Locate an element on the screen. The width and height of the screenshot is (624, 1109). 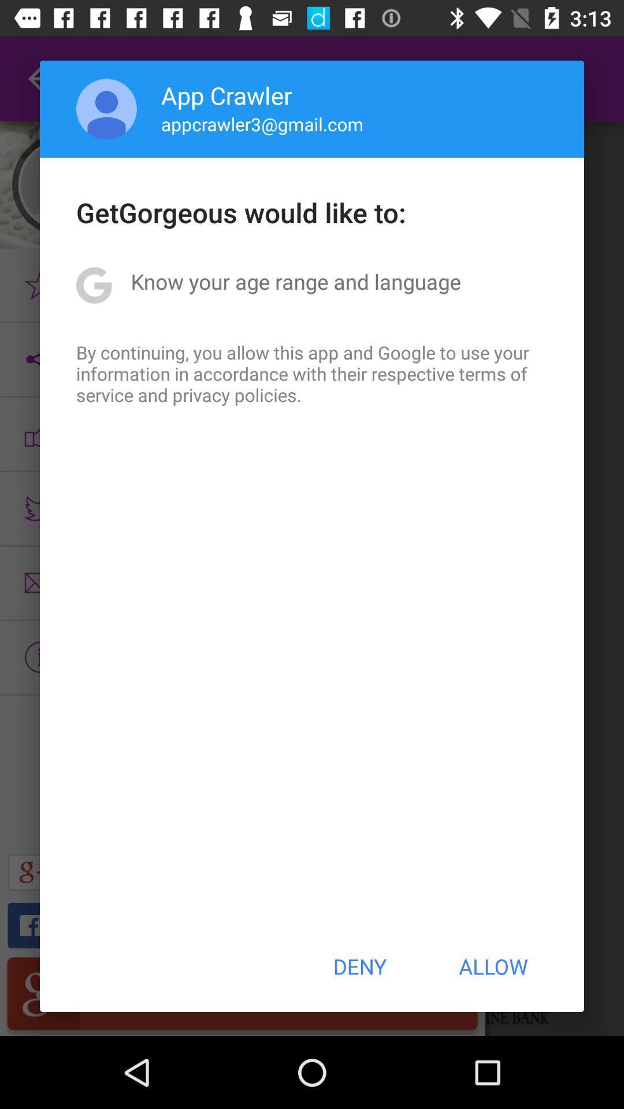
the item next to the allow icon is located at coordinates (359, 966).